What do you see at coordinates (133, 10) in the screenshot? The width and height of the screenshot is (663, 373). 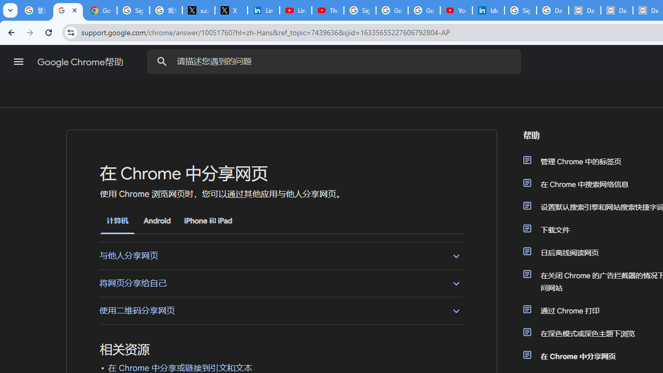 I see `'Sign in - Google Accounts'` at bounding box center [133, 10].